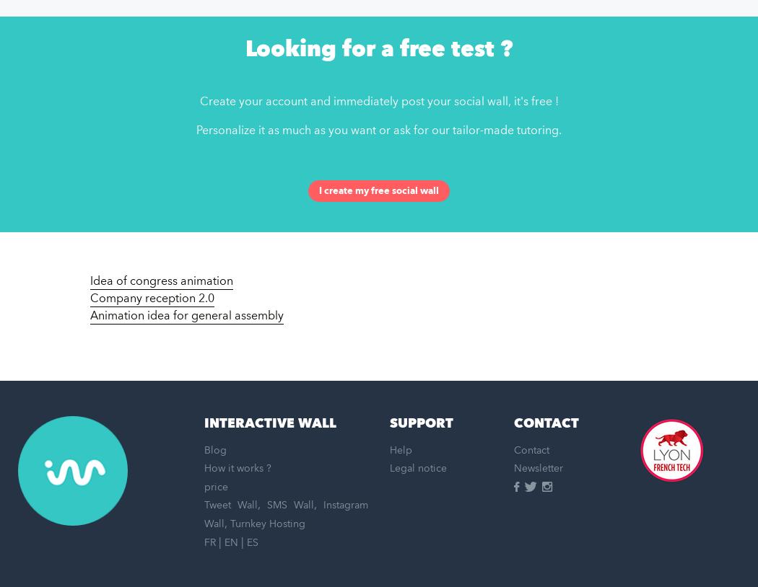 Image resolution: width=758 pixels, height=587 pixels. Describe the element at coordinates (187, 315) in the screenshot. I see `'Animation idea for general assembly'` at that location.